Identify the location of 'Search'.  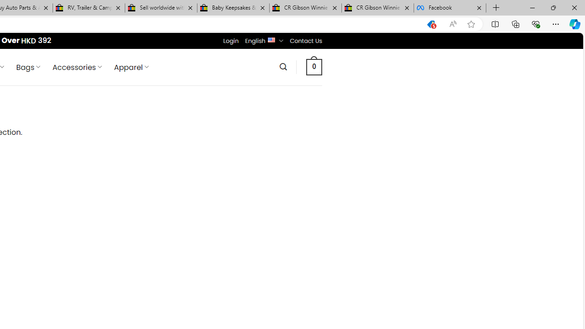
(282, 66).